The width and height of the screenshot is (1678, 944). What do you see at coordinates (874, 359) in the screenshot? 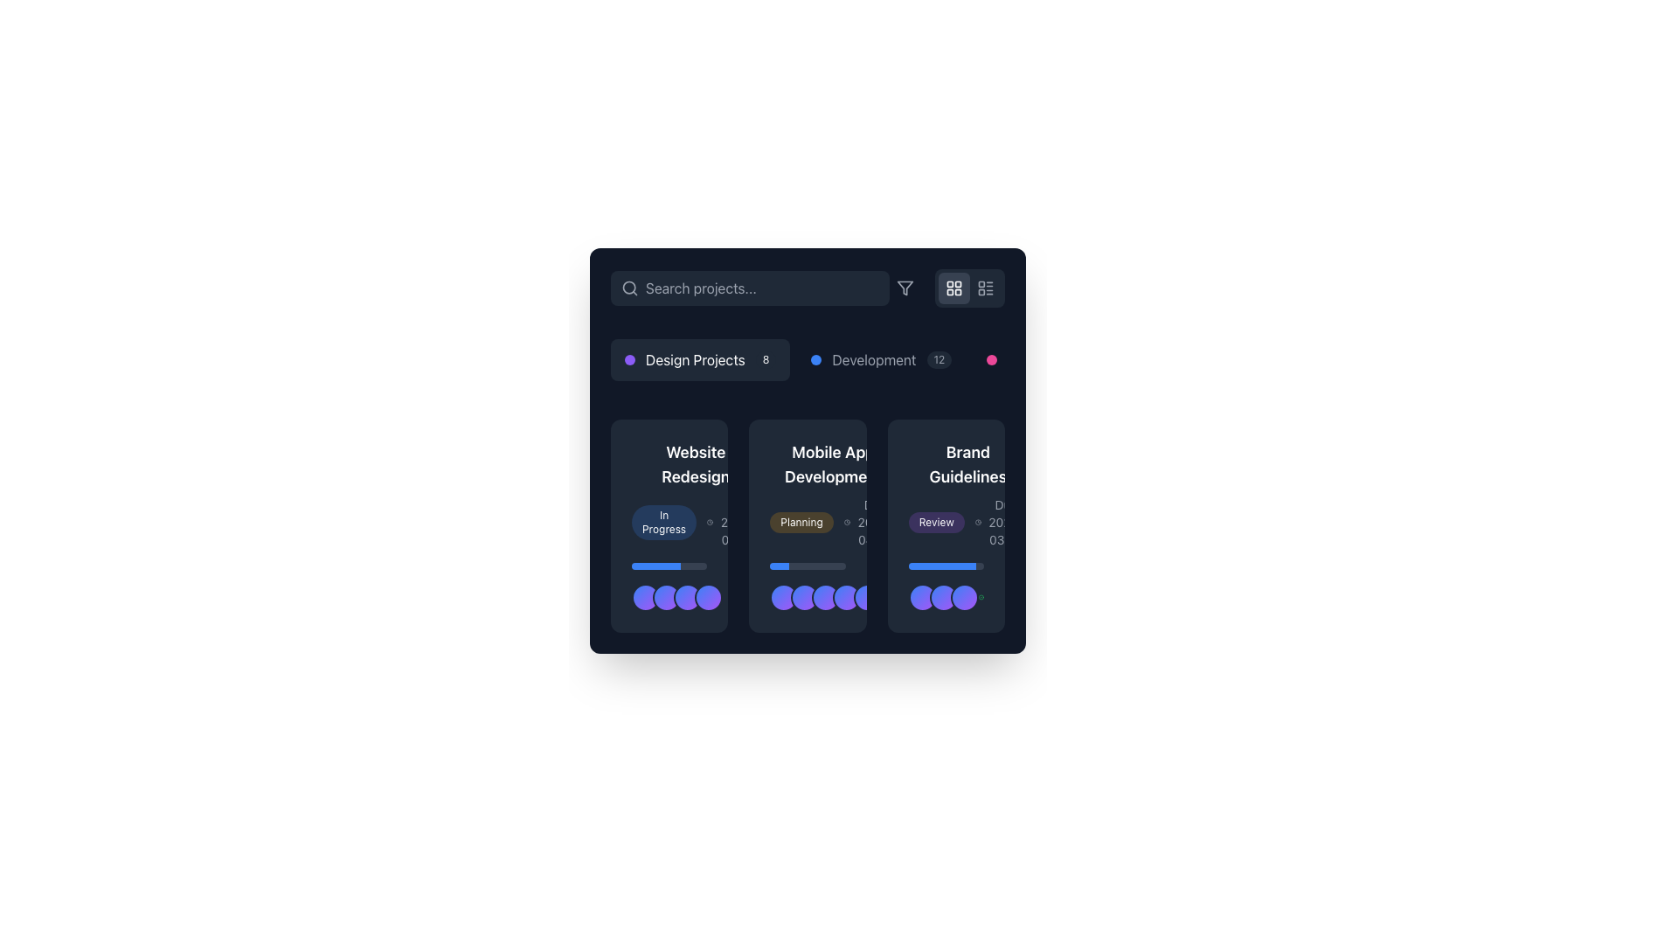
I see `the static text label displaying 'Development', which is styled with a light gray font on a dark background and is part of a horizontal menu, positioned centrally among its siblings` at bounding box center [874, 359].